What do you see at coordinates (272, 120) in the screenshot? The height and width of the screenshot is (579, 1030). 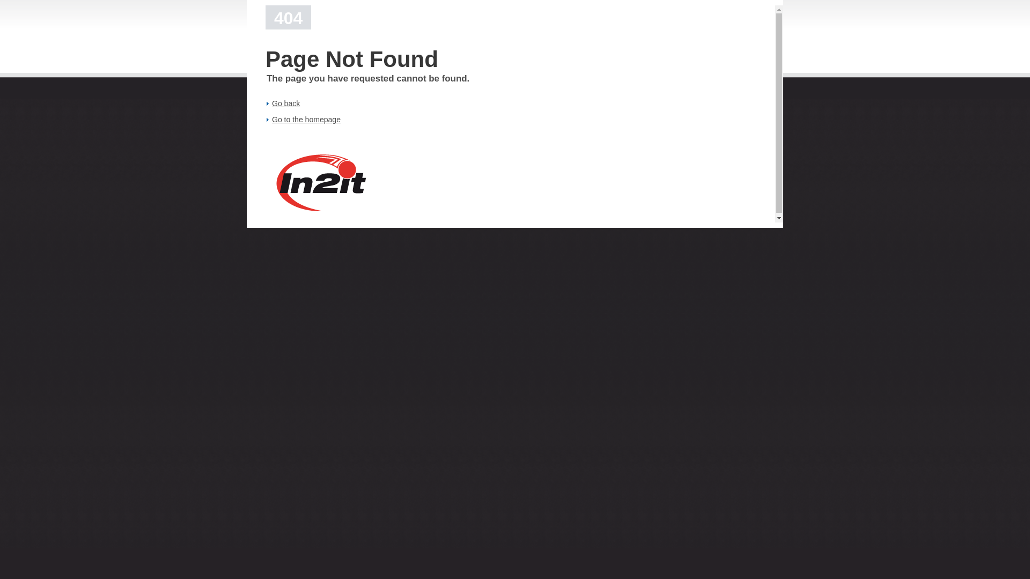 I see `'Go to the homepage'` at bounding box center [272, 120].